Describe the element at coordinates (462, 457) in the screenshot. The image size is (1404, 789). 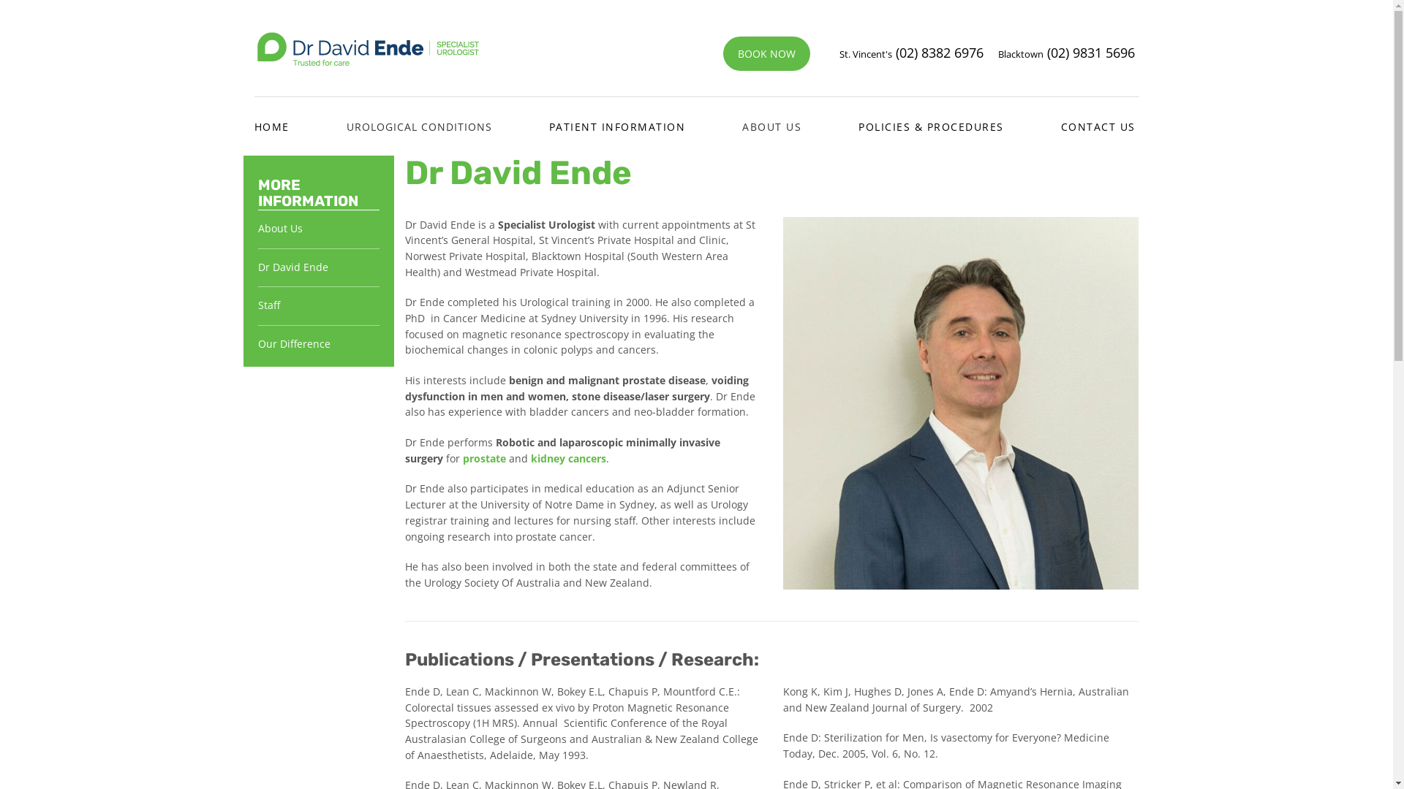
I see `'prostate'` at that location.